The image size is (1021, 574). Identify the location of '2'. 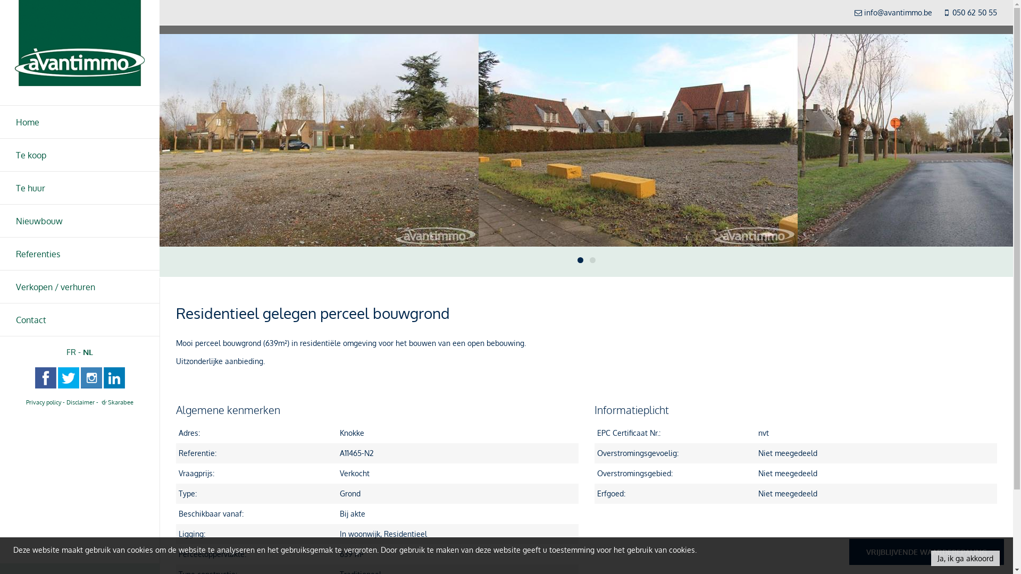
(589, 260).